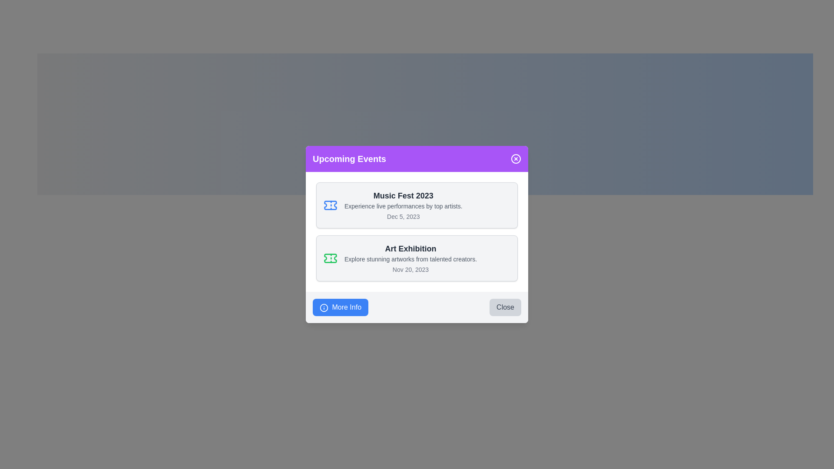  I want to click on event details from the 'Music Fest 2023' textual content block located in the purple 'Upcoming Events' panel, which is the first event in the list, so click(403, 205).